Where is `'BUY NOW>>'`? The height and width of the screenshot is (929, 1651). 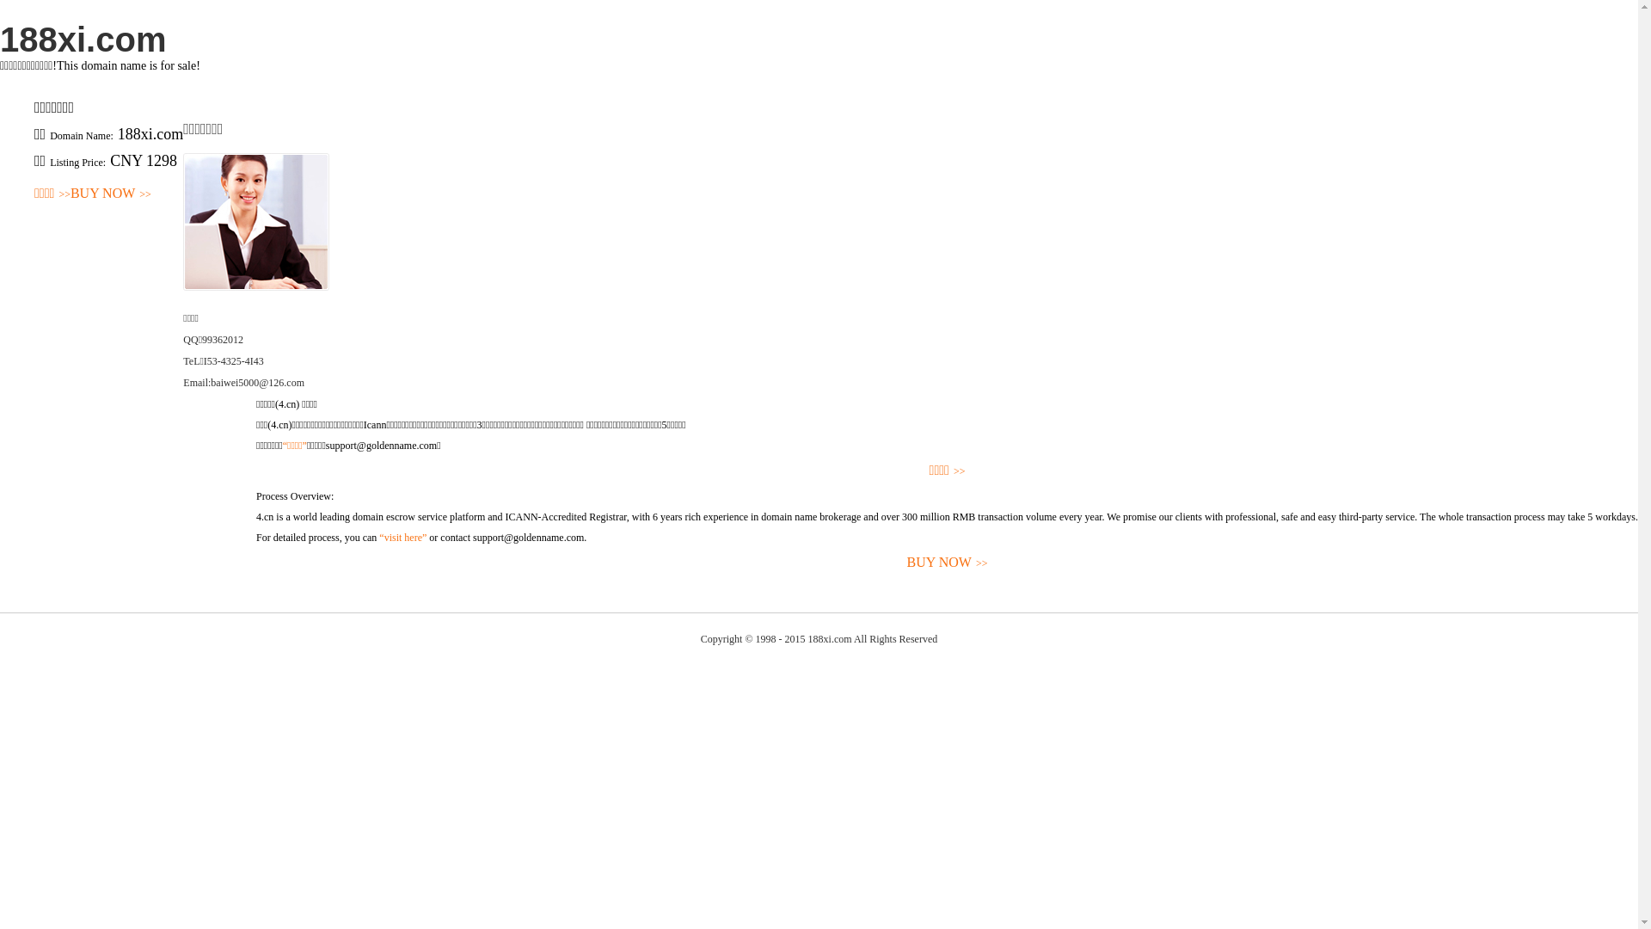 'BUY NOW>>' is located at coordinates (110, 194).